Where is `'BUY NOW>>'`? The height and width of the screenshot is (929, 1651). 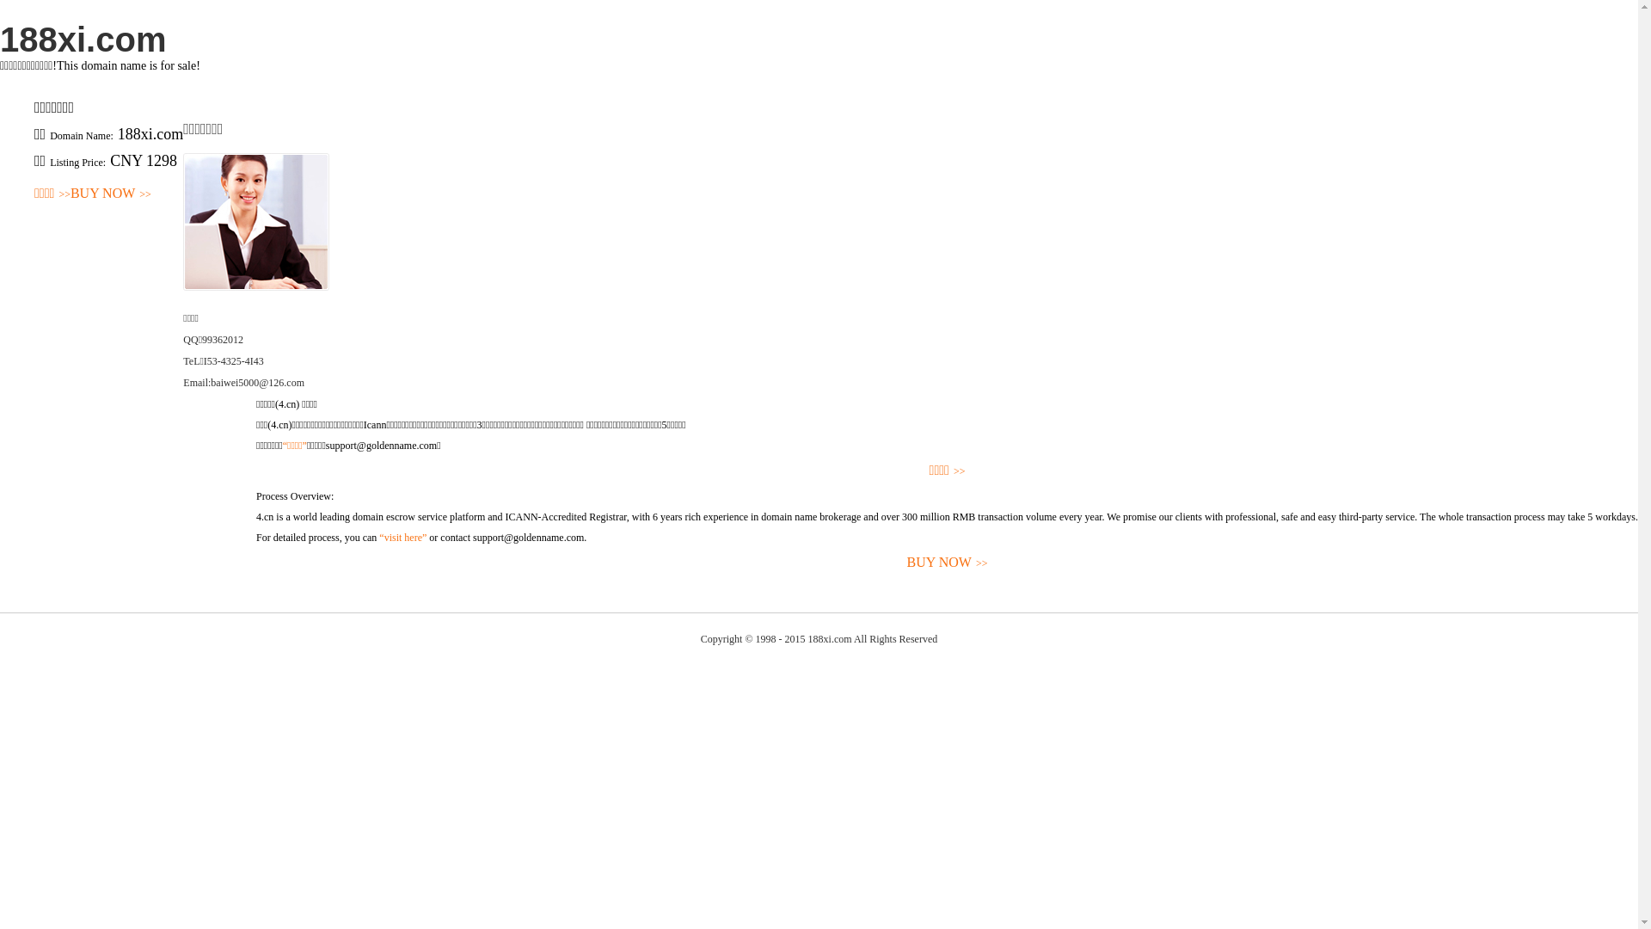 'BUY NOW>>' is located at coordinates (110, 194).